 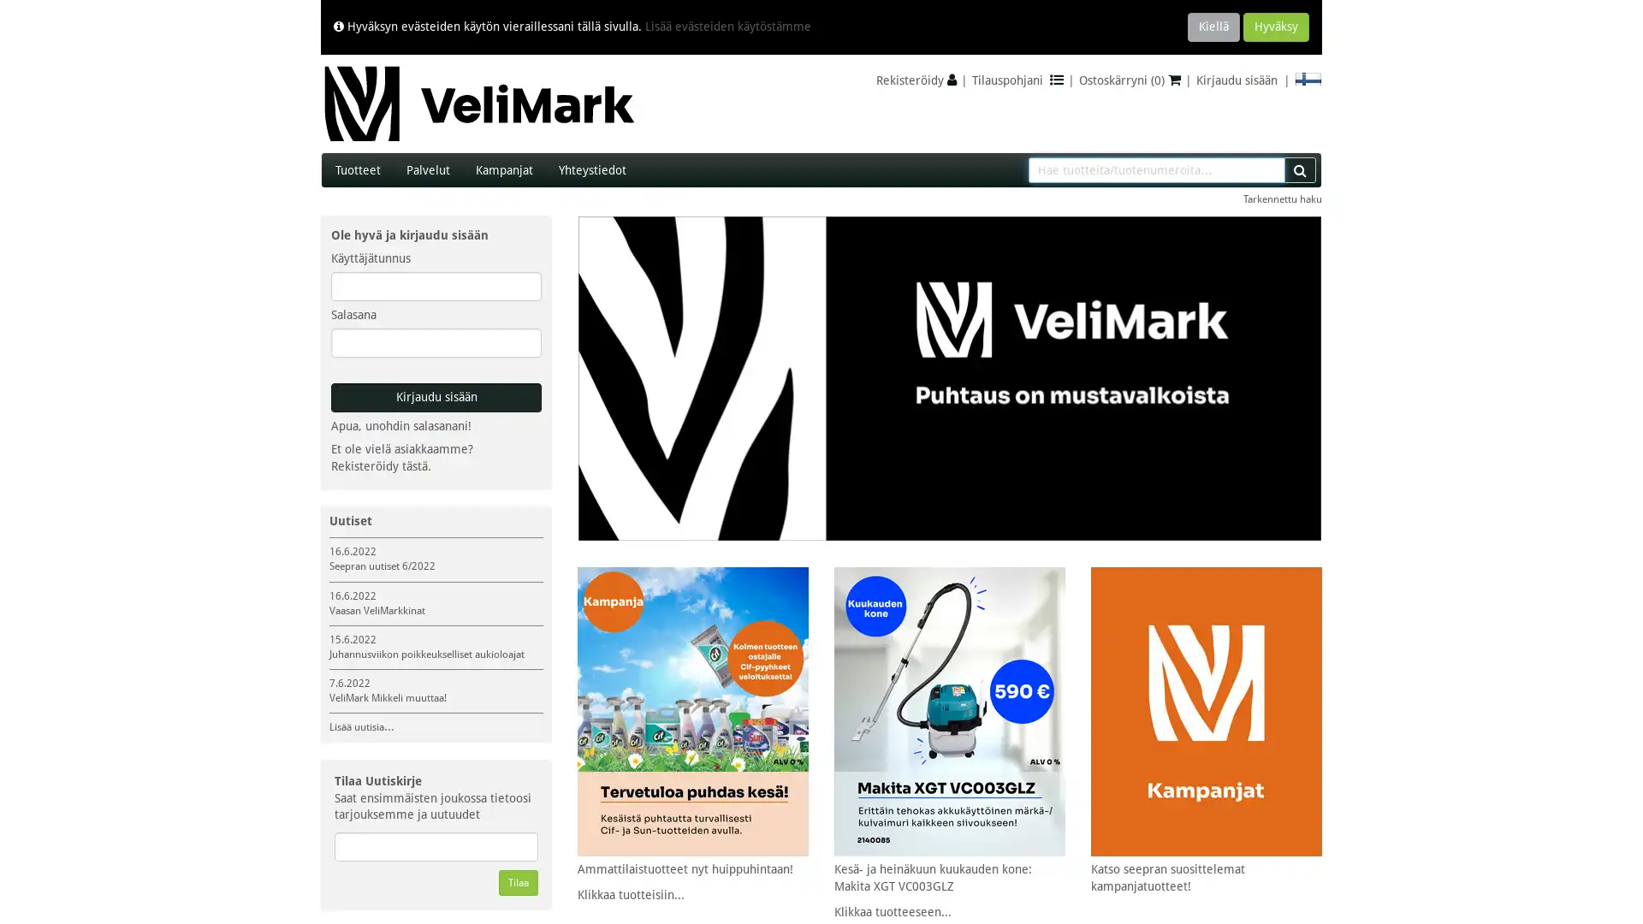 What do you see at coordinates (1276, 27) in the screenshot?
I see `Hyvaksy` at bounding box center [1276, 27].